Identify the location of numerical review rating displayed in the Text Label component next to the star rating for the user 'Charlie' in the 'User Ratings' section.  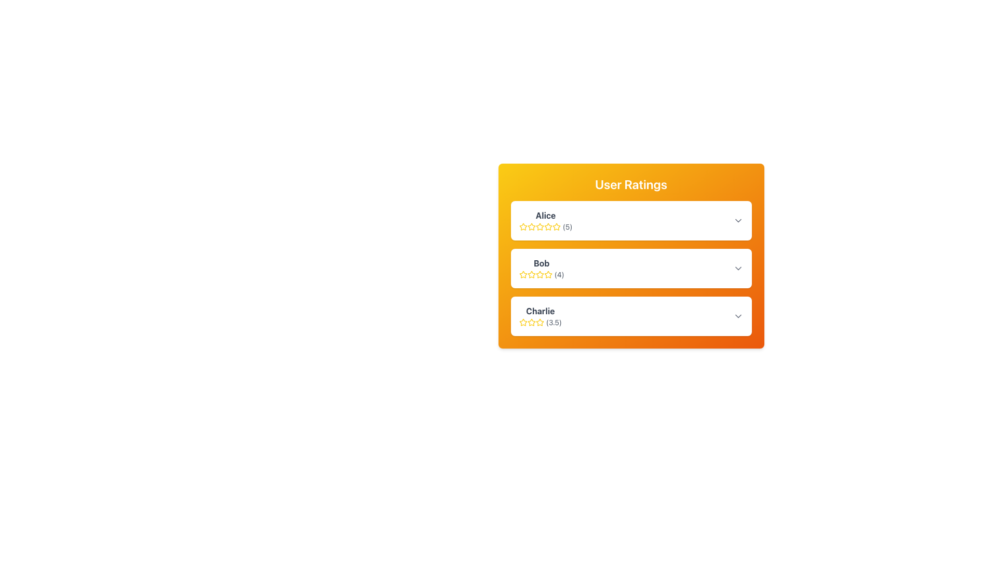
(553, 322).